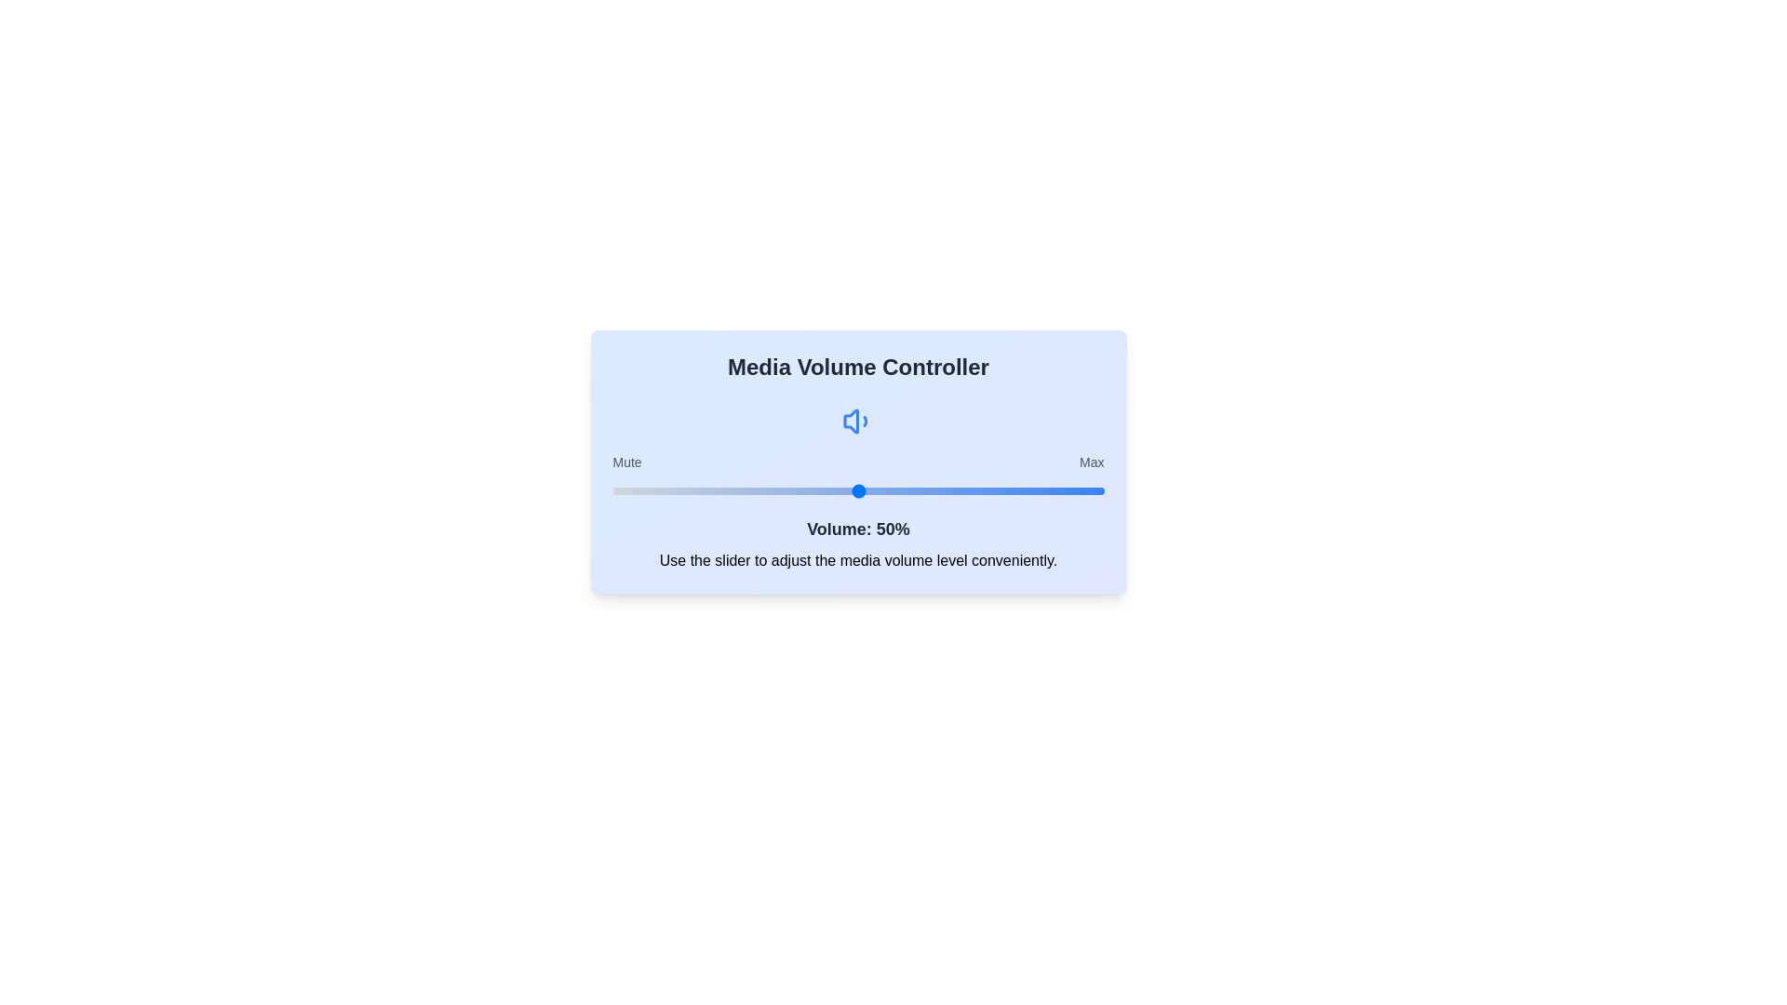 Image resolution: width=1787 pixels, height=1005 pixels. What do you see at coordinates (680, 490) in the screenshot?
I see `the volume to 14% by adjusting the slider` at bounding box center [680, 490].